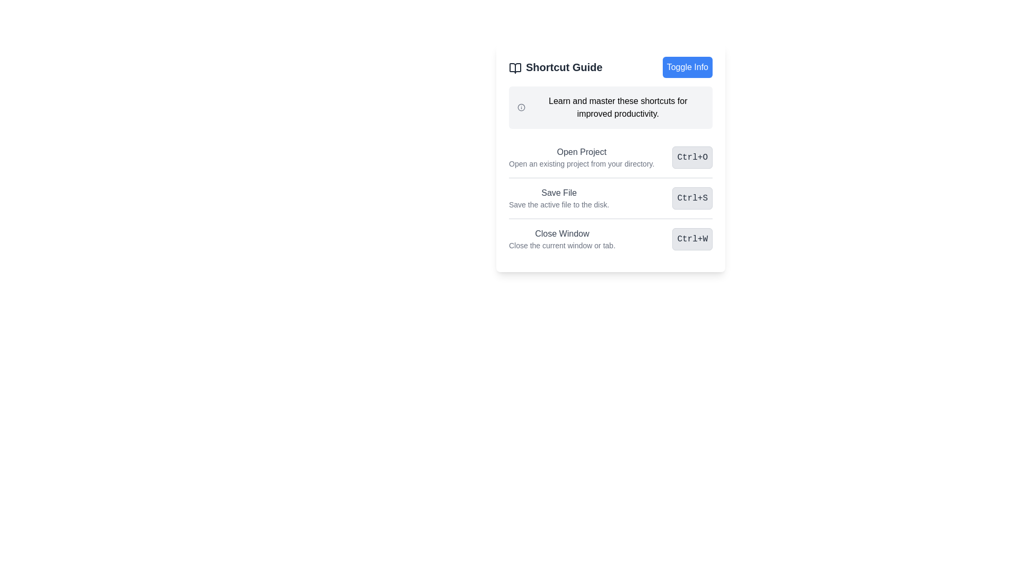 This screenshot has width=1018, height=573. I want to click on the descriptive text element that provides guidance for the 'Open Project' action, located directly below the 'Open Project' title, so click(581, 163).